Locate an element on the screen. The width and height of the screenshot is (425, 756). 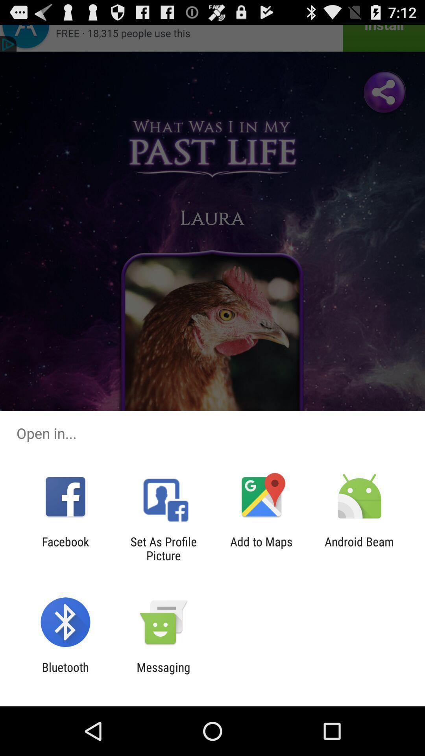
app at the bottom right corner is located at coordinates (359, 548).